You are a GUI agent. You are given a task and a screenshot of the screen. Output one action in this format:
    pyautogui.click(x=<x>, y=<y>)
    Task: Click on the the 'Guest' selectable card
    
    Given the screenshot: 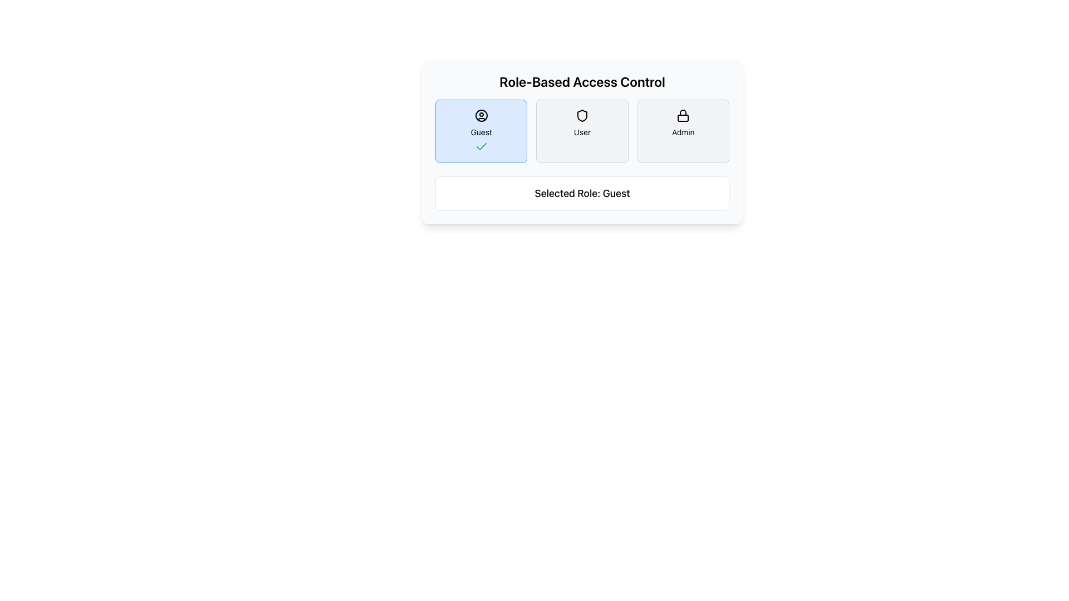 What is the action you would take?
    pyautogui.click(x=481, y=130)
    